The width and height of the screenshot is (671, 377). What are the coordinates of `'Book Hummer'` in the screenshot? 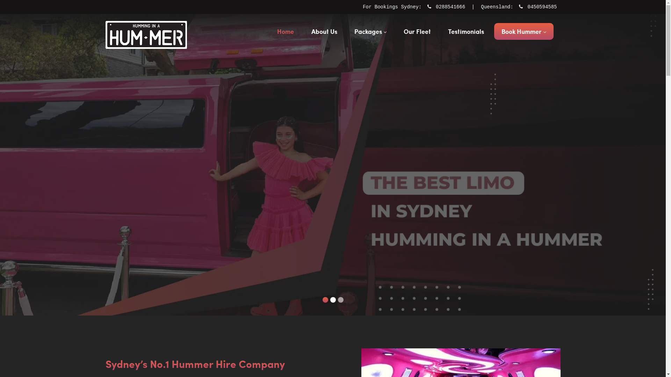 It's located at (524, 31).